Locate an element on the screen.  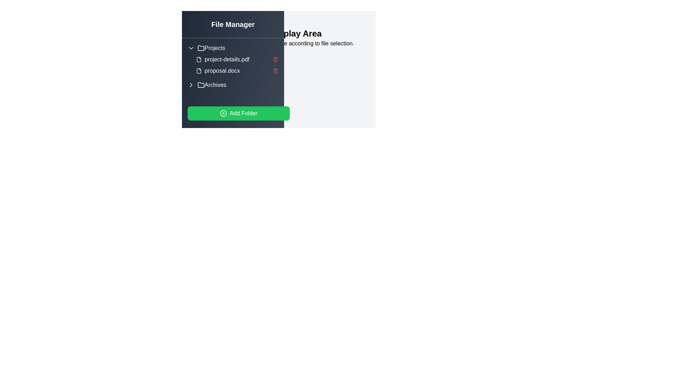
the middle component of the trash can icon associated with the list item 'proposal.docx' is located at coordinates (275, 60).